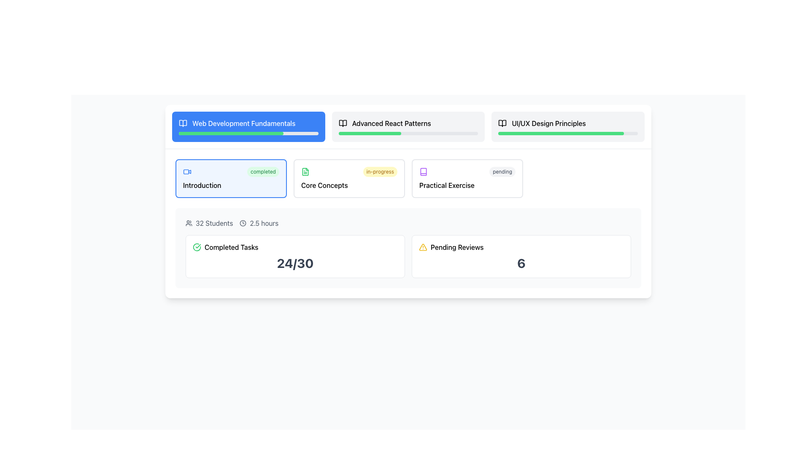  Describe the element at coordinates (231, 178) in the screenshot. I see `the 'Introduction' informational card element, which has a light blue background, blue border, and a green 'completed' badge` at that location.